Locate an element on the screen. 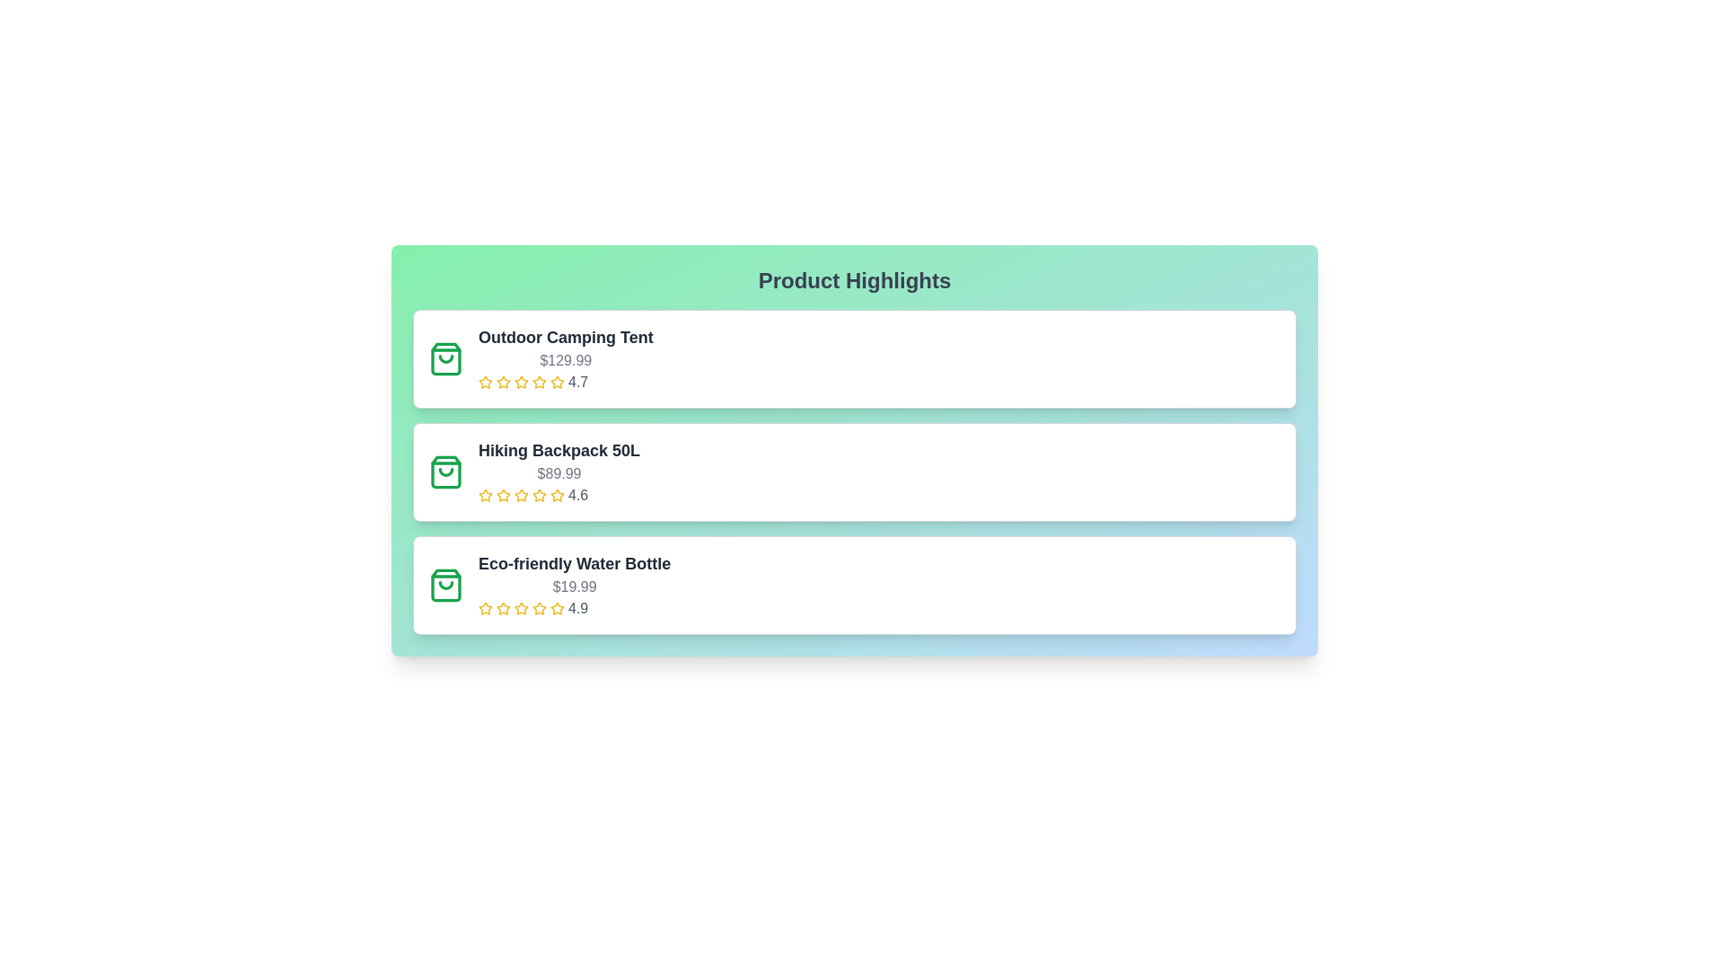 This screenshot has height=970, width=1724. the rating of the product to 4 stars by clicking on the corresponding star is located at coordinates (538, 381).